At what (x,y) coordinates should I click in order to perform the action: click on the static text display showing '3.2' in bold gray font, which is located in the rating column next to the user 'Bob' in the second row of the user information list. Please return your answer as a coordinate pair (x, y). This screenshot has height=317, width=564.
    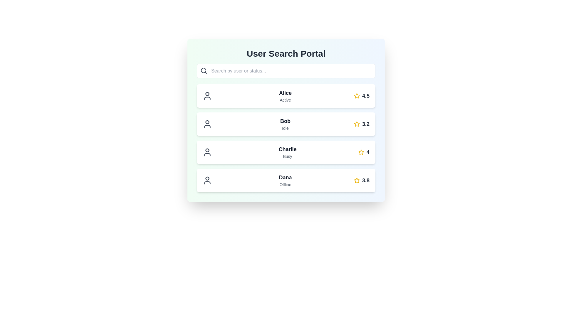
    Looking at the image, I should click on (365, 124).